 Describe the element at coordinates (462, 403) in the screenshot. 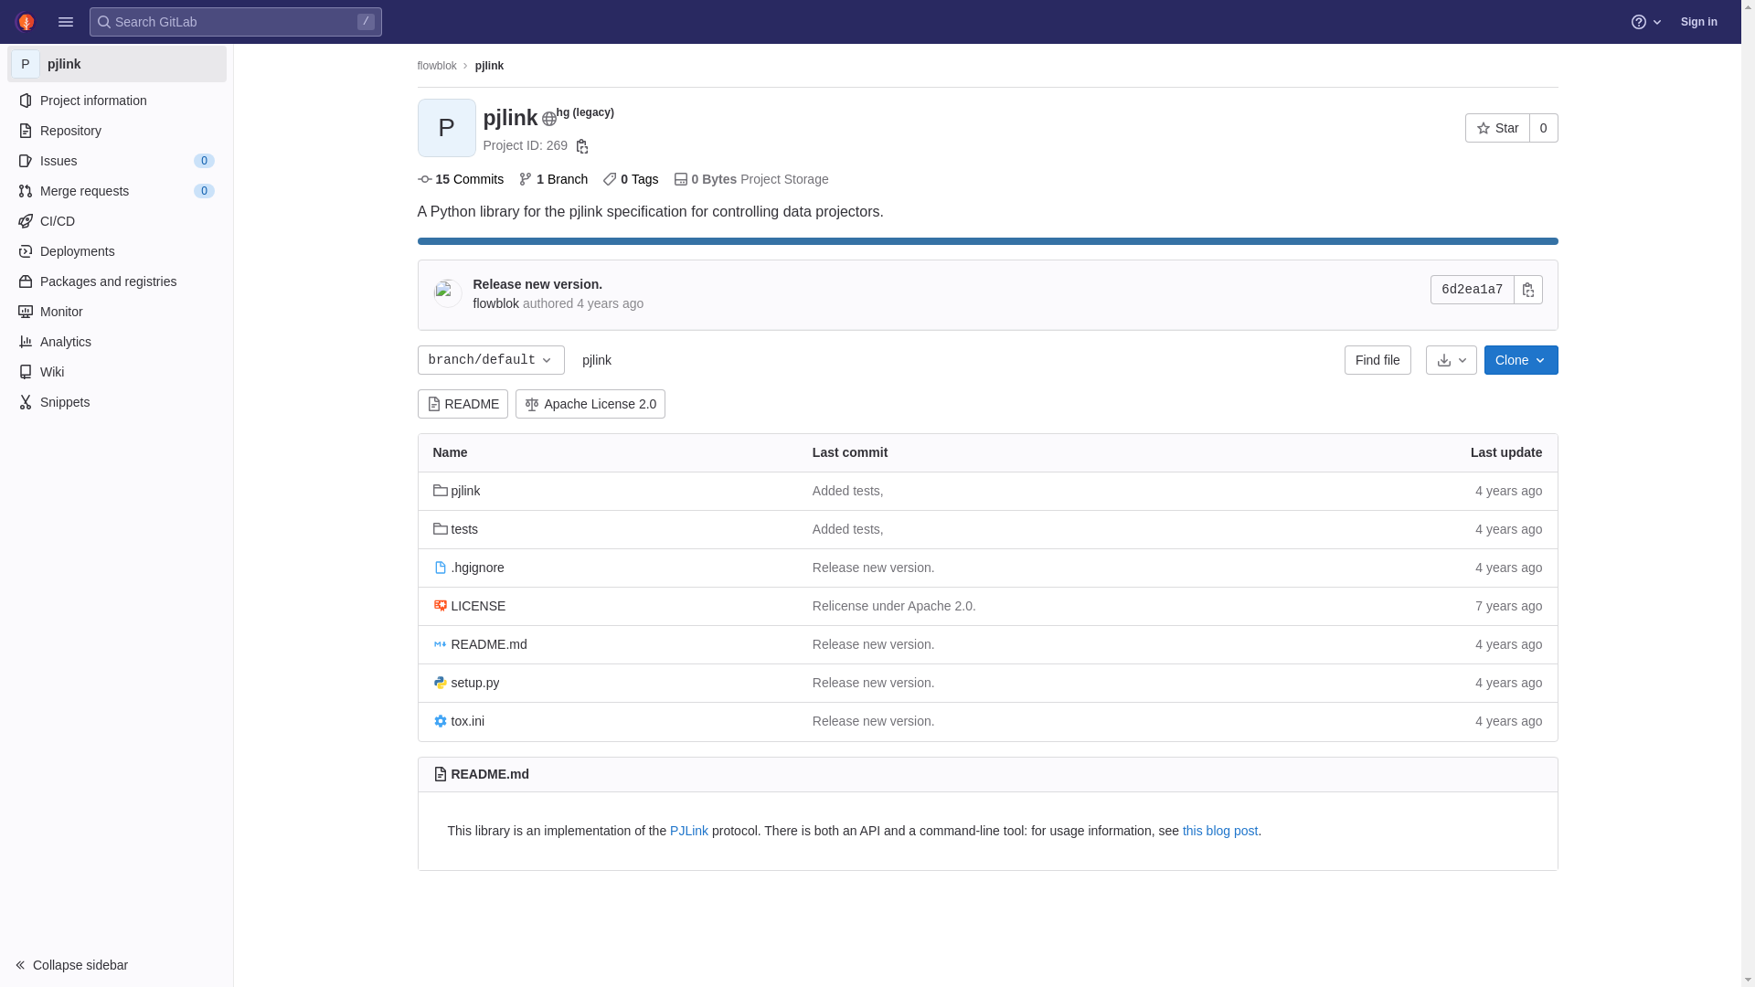

I see `'README'` at that location.